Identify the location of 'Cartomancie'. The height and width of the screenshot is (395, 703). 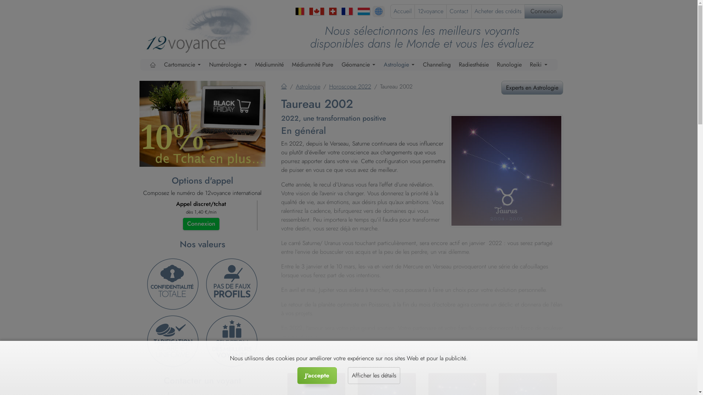
(182, 64).